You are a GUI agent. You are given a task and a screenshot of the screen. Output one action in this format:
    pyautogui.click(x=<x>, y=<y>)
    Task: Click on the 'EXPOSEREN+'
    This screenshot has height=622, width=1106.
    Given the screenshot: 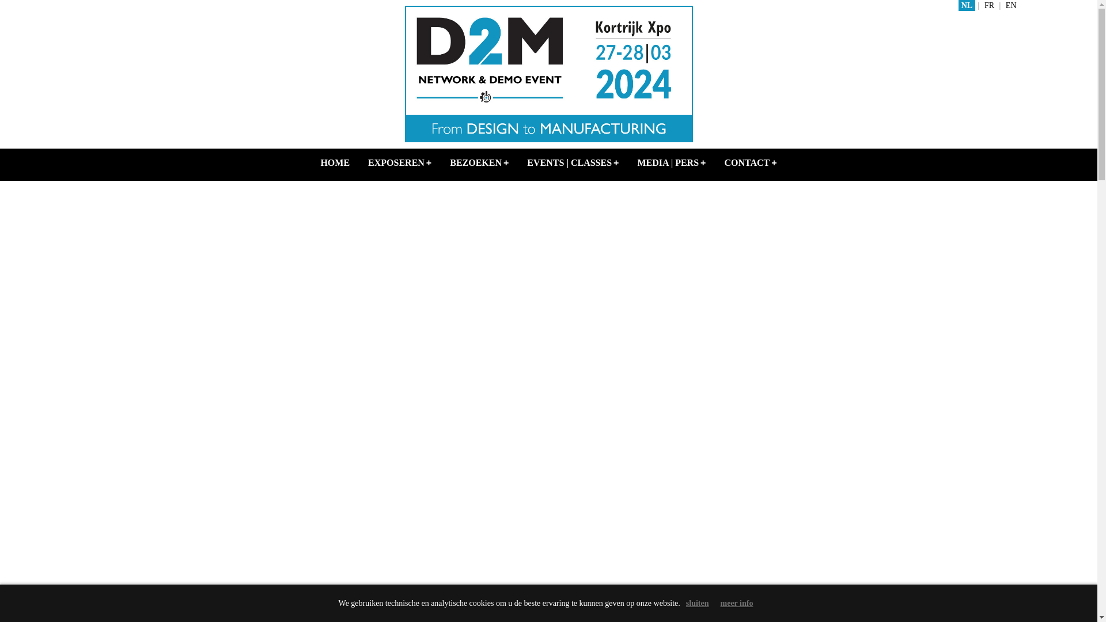 What is the action you would take?
    pyautogui.click(x=400, y=163)
    